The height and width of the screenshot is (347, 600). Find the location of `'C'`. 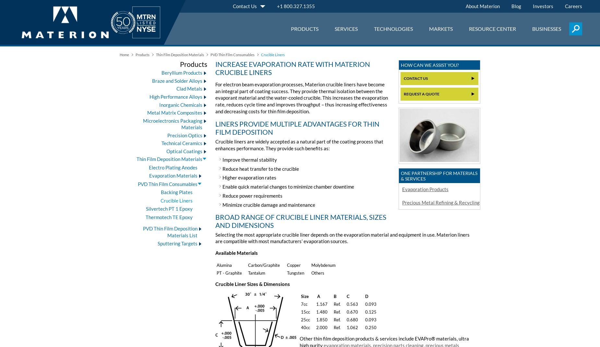

'C' is located at coordinates (348, 295).